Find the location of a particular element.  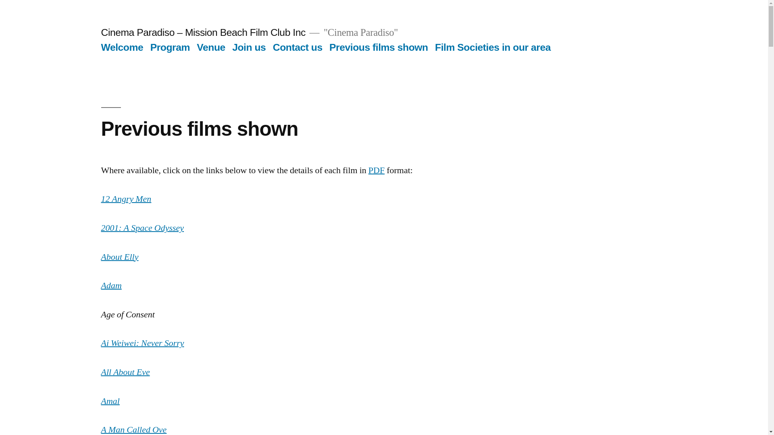

'Welcome' is located at coordinates (121, 47).